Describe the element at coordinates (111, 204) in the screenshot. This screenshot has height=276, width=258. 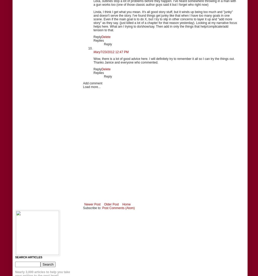
I see `'Older Post'` at that location.